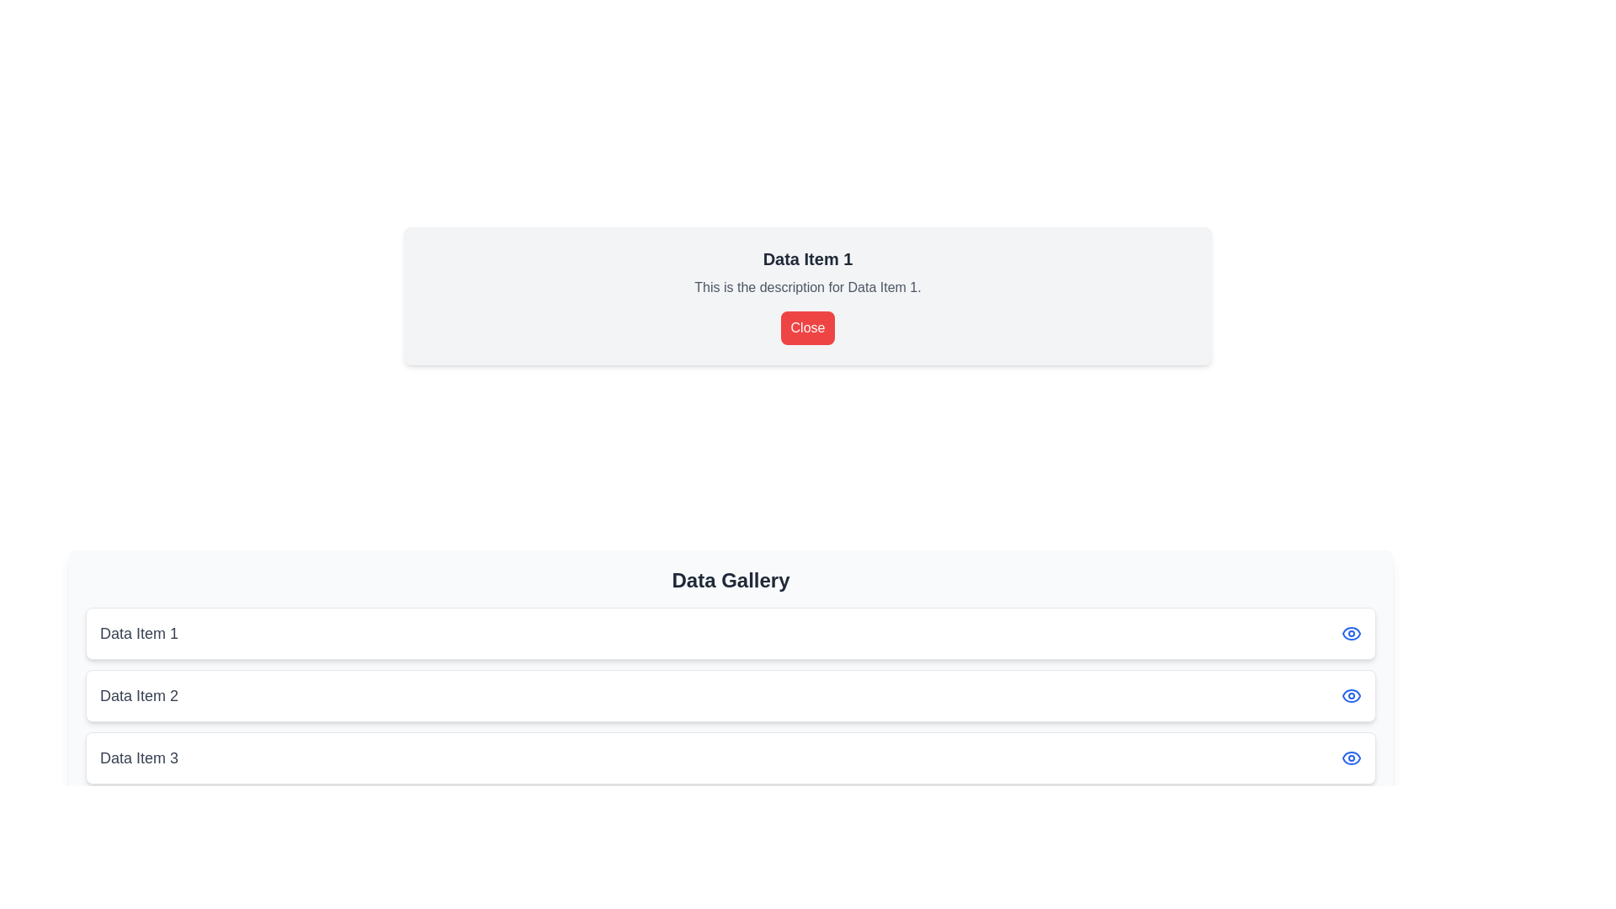  What do you see at coordinates (1352, 758) in the screenshot?
I see `the eye icon representing the visibility control feature located to the right of 'Data Item 3'` at bounding box center [1352, 758].